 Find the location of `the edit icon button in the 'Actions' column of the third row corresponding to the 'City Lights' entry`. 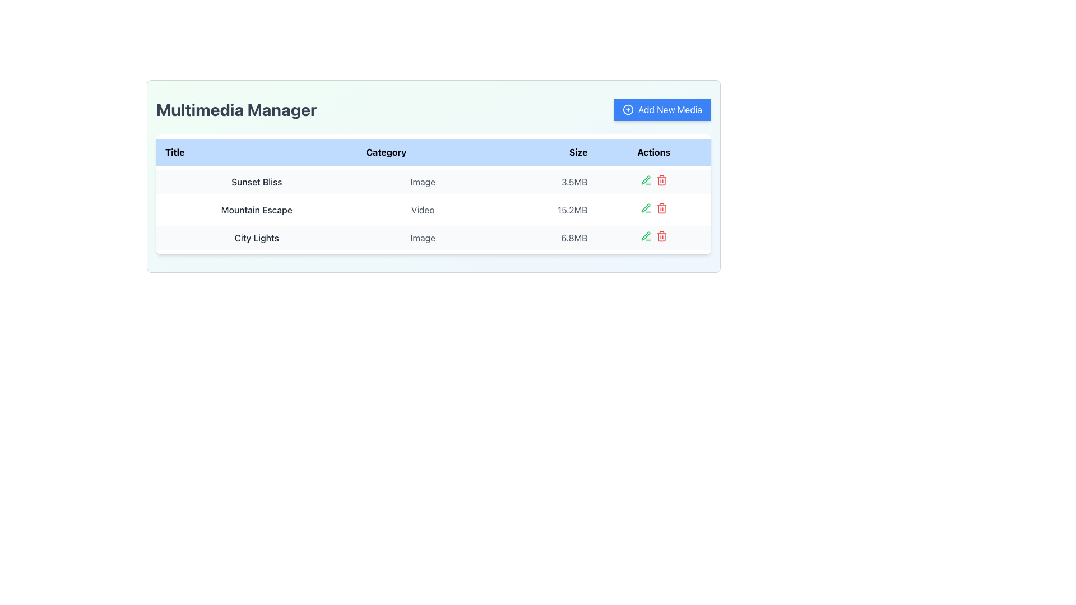

the edit icon button in the 'Actions' column of the third row corresponding to the 'City Lights' entry is located at coordinates (646, 235).